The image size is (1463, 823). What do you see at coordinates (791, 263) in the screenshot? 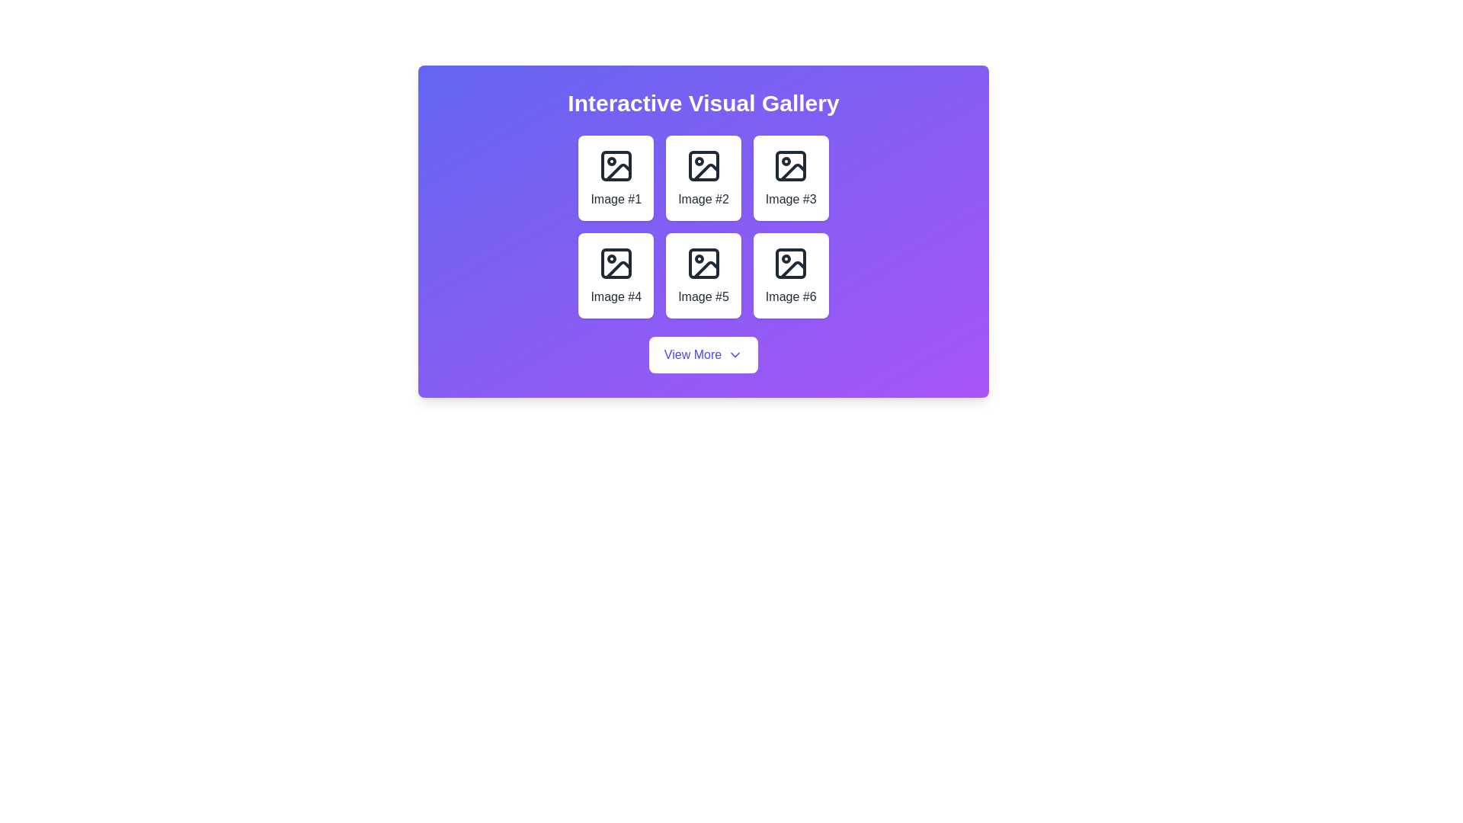
I see `the visual appearance of the decorative icon component within the SVG element representing 'Image #6', located in the bottom-right position of the gallery grid` at bounding box center [791, 263].